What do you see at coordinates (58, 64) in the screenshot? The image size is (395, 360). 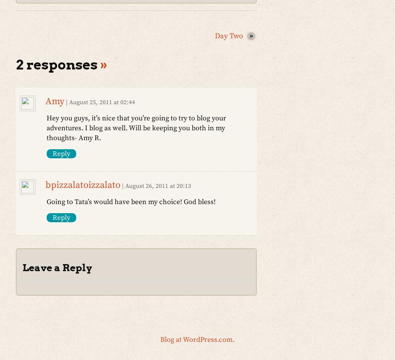 I see `'2 responses'` at bounding box center [58, 64].